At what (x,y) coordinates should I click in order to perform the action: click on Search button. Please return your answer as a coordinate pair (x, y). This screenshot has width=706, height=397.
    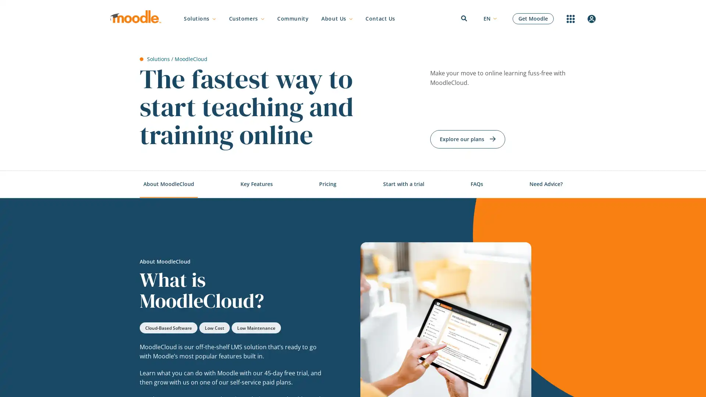
    Looking at the image, I should click on (511, 200).